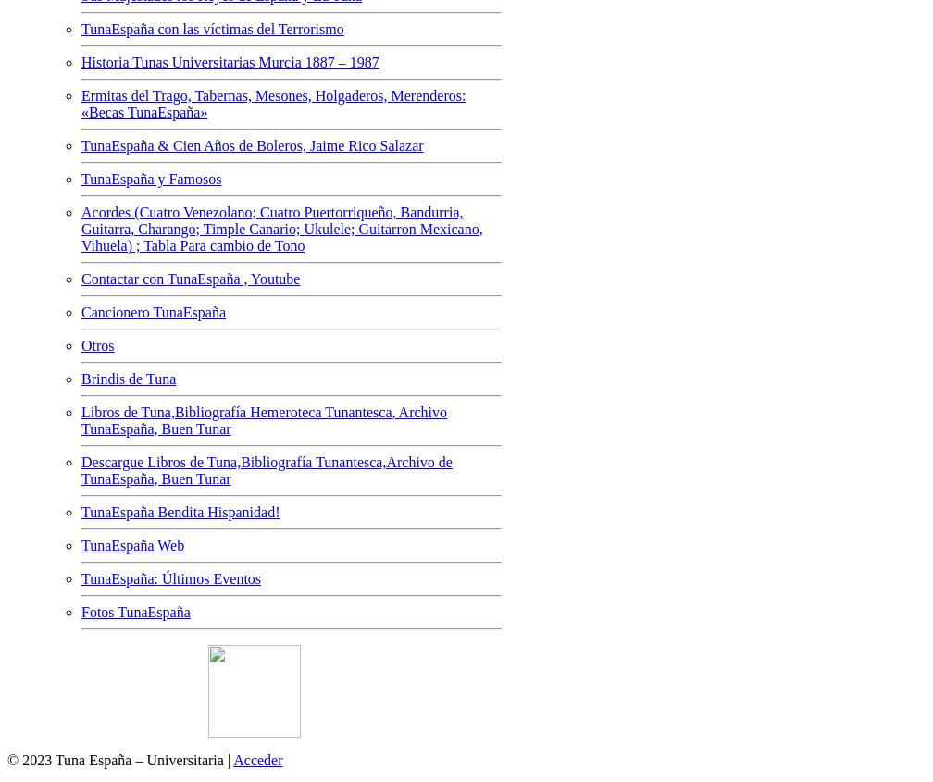 Image resolution: width=933 pixels, height=782 pixels. What do you see at coordinates (230, 60) in the screenshot?
I see `'Historia Tunas Universitarias Murcia 1887 – 1987'` at bounding box center [230, 60].